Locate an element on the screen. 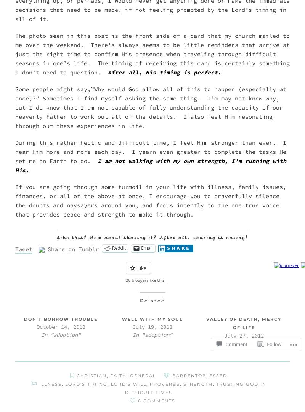 The image size is (305, 412). 'I am not walking with my own strength, I’m running with His.' is located at coordinates (150, 165).